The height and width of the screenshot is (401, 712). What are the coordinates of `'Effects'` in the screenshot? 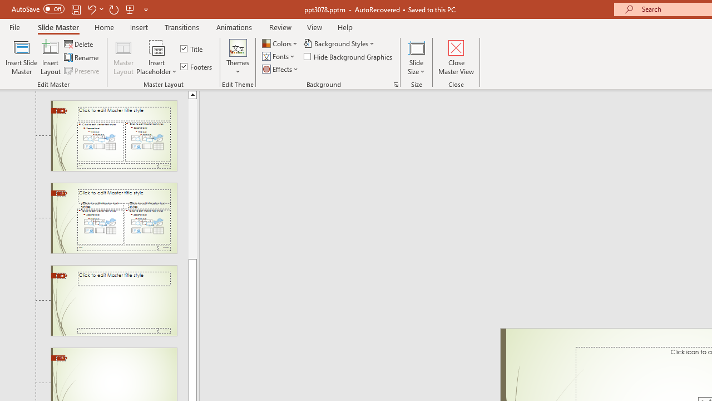 It's located at (281, 69).